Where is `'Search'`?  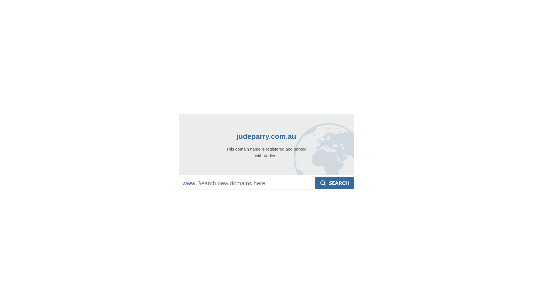
'Search' is located at coordinates (334, 183).